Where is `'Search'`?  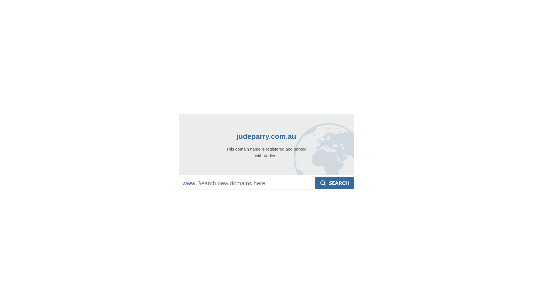
'Search' is located at coordinates (334, 183).